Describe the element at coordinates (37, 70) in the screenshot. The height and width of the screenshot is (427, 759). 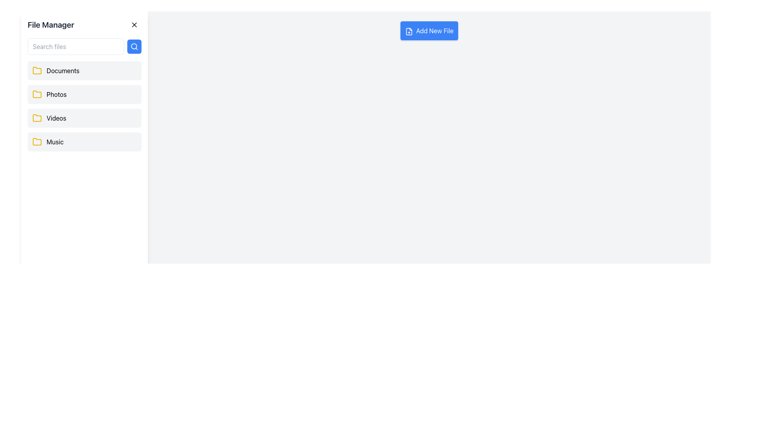
I see `the Folder part of the icon in the Documents section, which is styled with a yellow outline and resembles a classic file folder symbol` at that location.